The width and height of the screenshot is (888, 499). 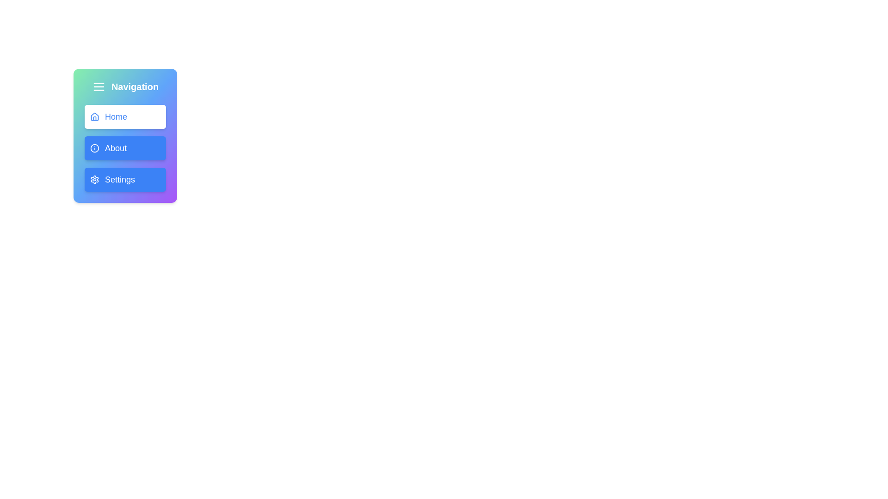 What do you see at coordinates (95, 180) in the screenshot?
I see `the gear icon inside the 'Settings' button, which is the third option in the vertical menu` at bounding box center [95, 180].